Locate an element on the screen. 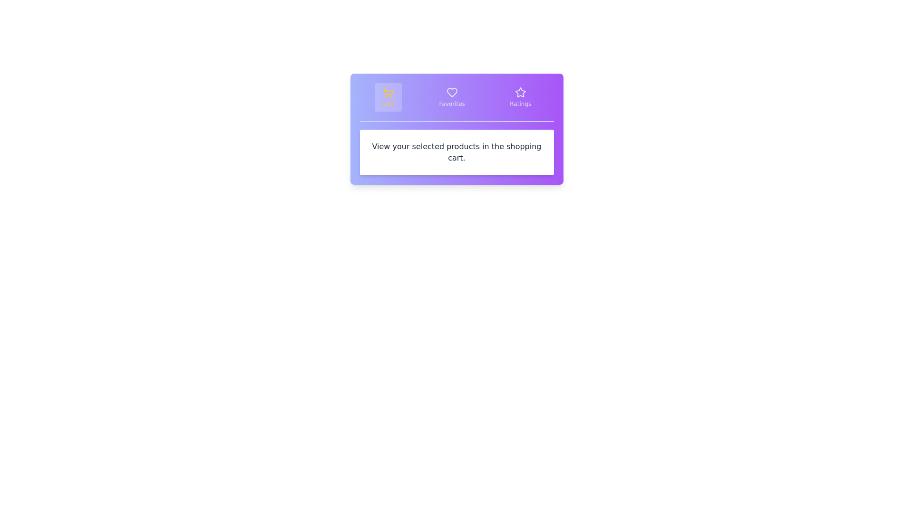 The height and width of the screenshot is (513, 913). the 'Favorites' text label, which indicates the purpose of the associated button in the navigation row, located near the top center of the interface is located at coordinates (451, 104).